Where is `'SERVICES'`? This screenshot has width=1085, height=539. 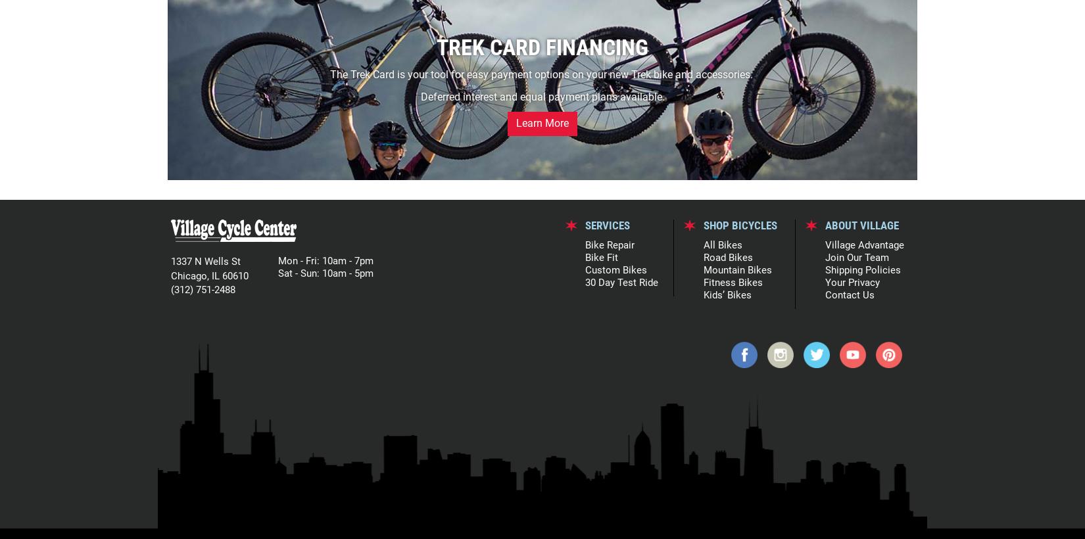 'SERVICES' is located at coordinates (608, 225).